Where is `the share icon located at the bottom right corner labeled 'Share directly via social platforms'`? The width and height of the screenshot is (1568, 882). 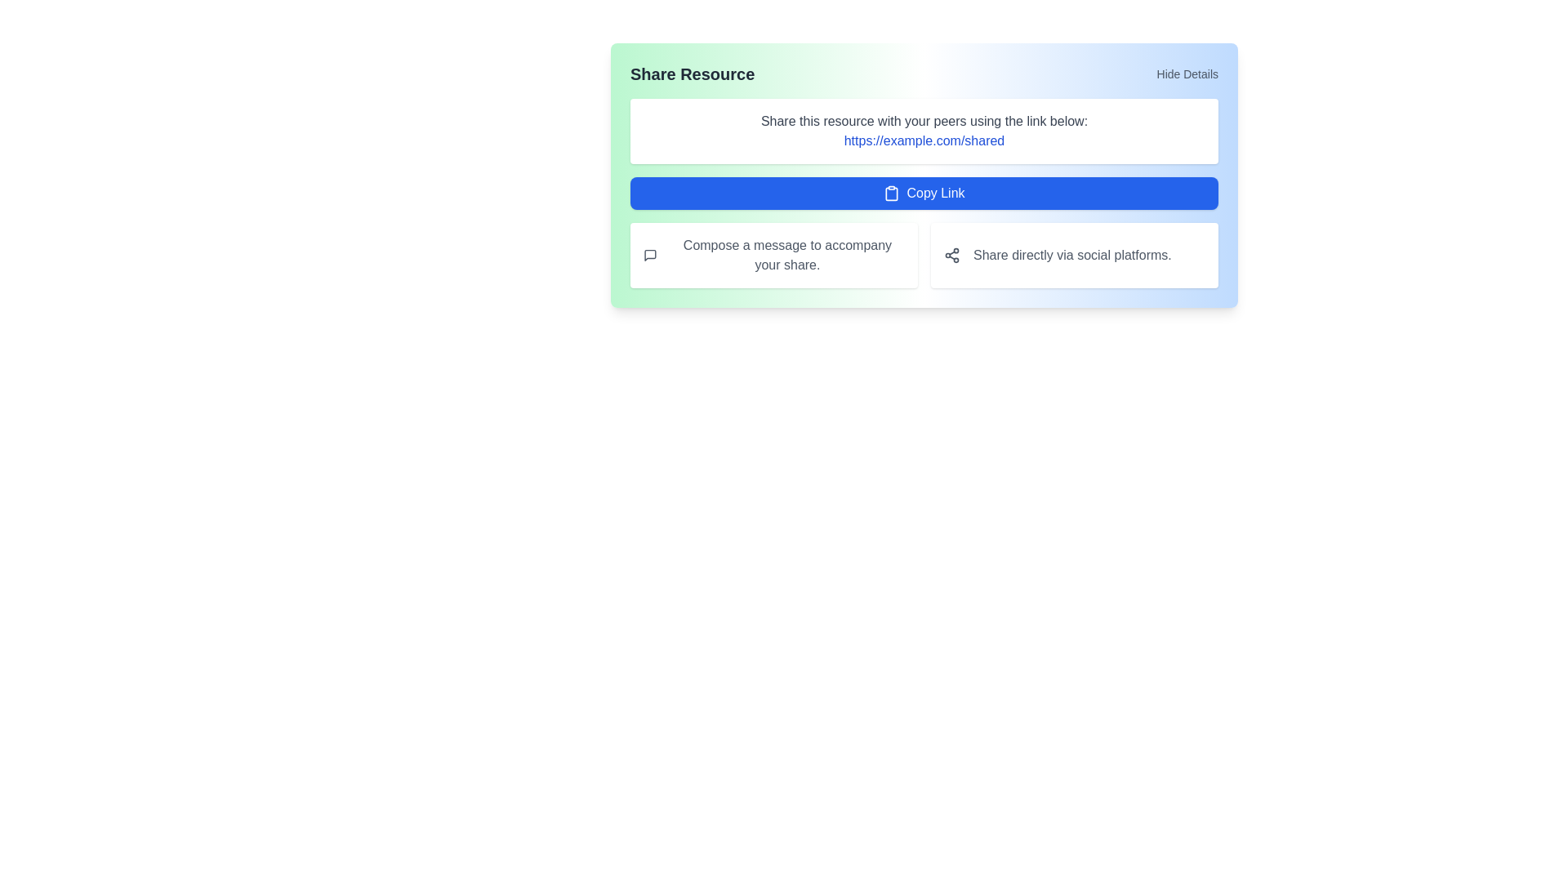
the share icon located at the bottom right corner labeled 'Share directly via social platforms' is located at coordinates (952, 255).